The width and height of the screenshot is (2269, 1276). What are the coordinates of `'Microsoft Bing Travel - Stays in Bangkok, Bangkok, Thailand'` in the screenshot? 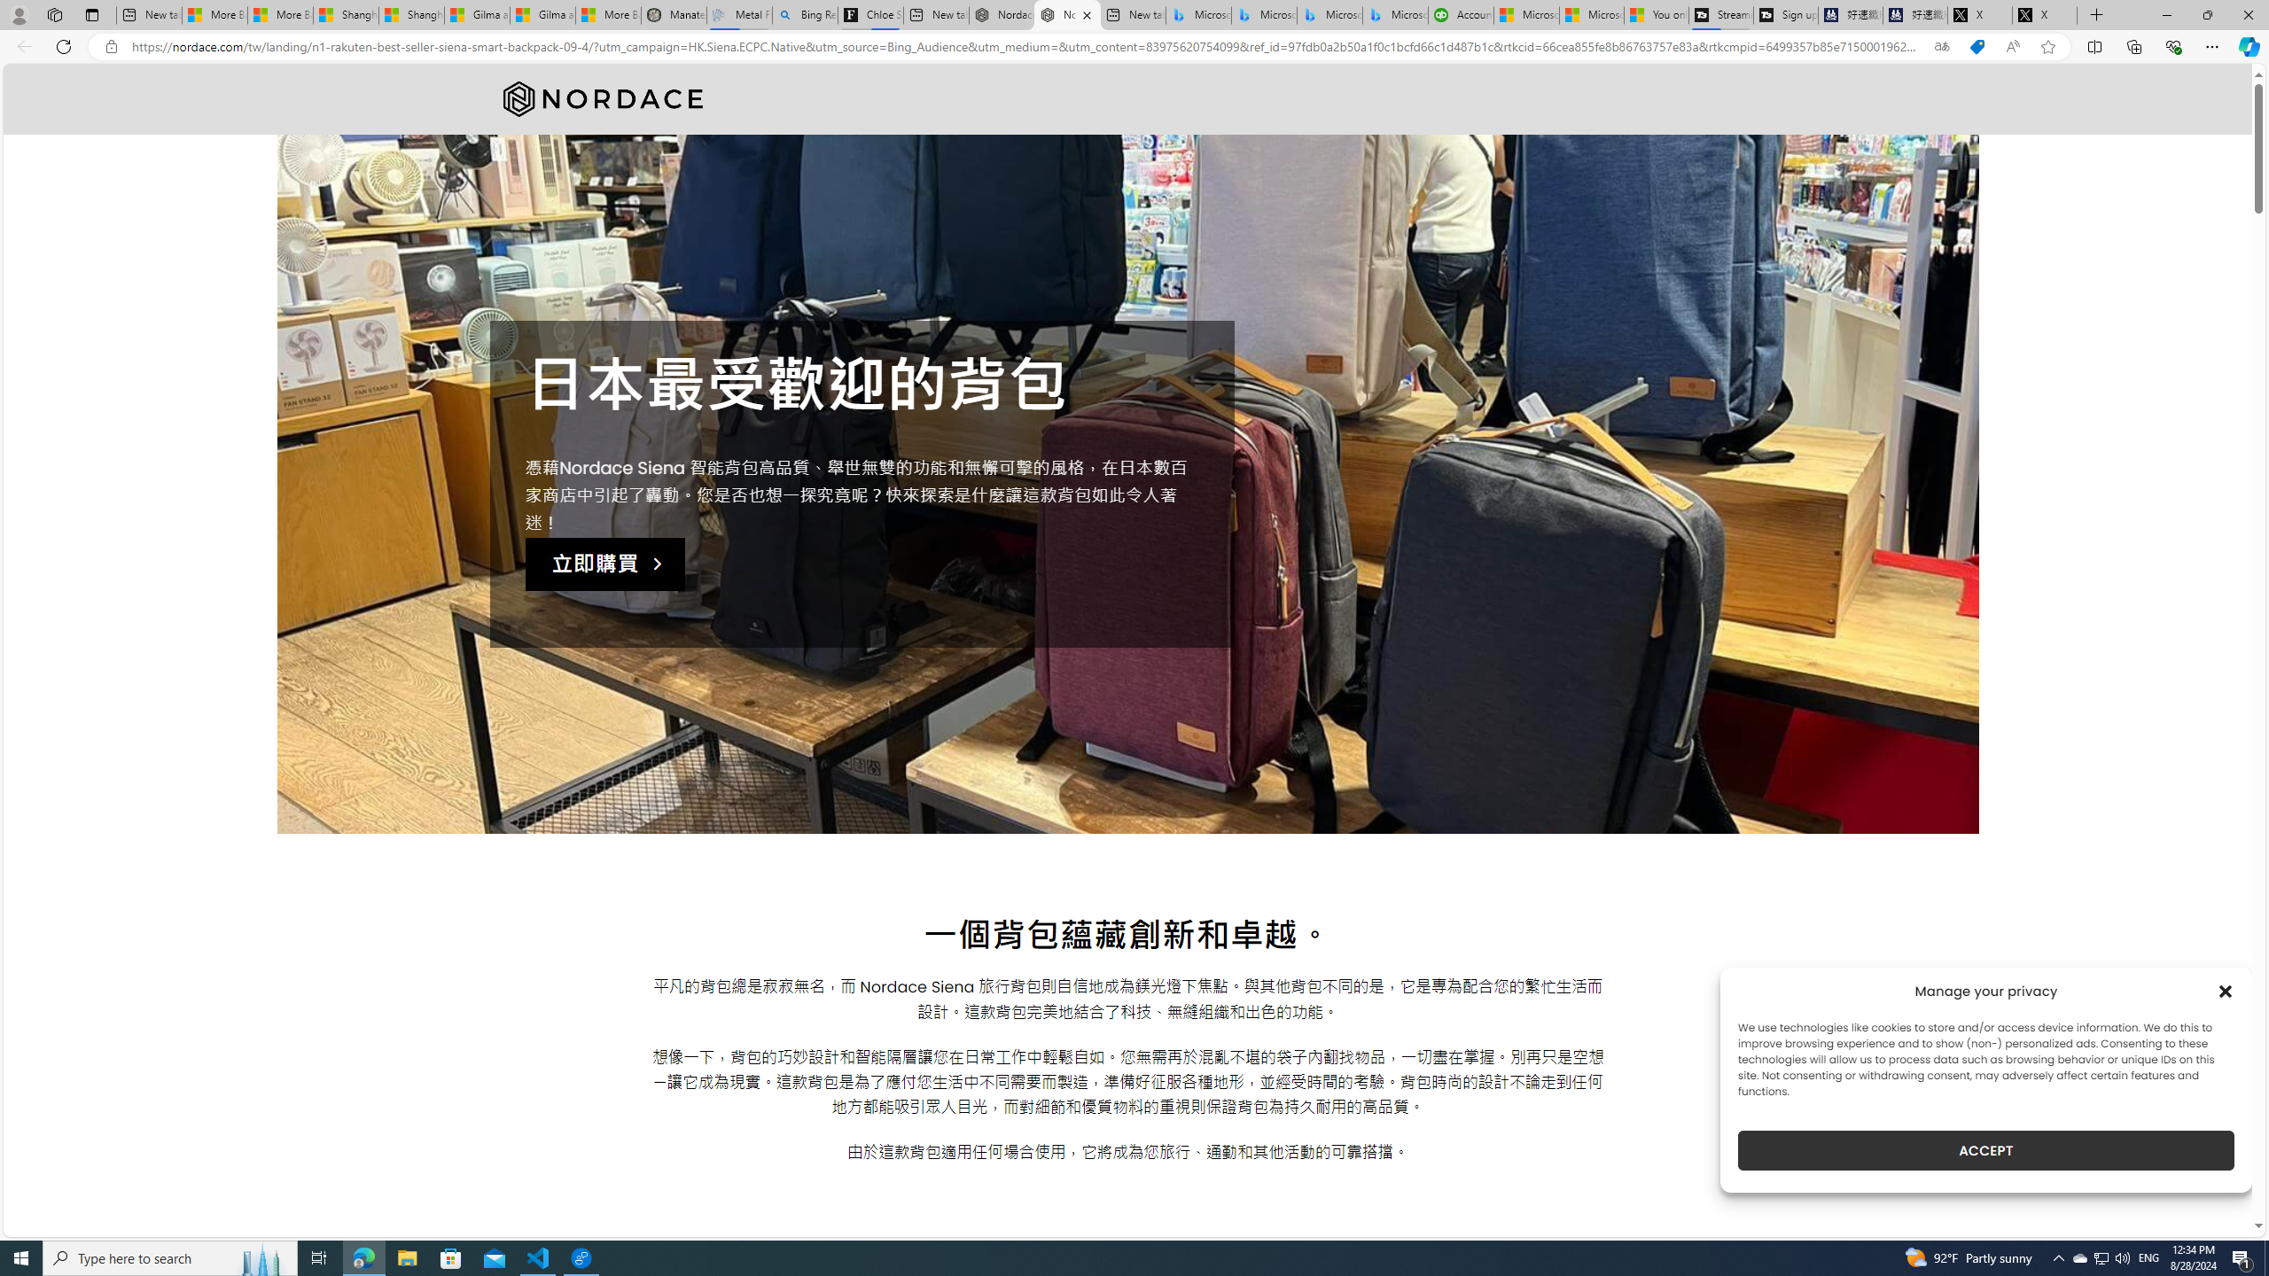 It's located at (1262, 14).